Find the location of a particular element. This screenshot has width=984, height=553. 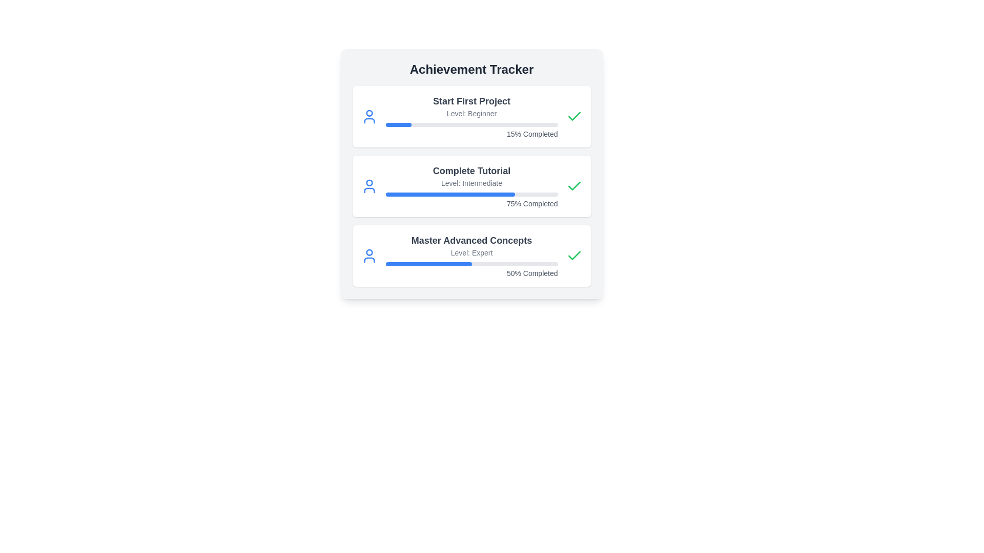

the title text of the third task card in the 'Achievement Tracker' interface, which describes the advanced concept mastery task is located at coordinates (471, 241).